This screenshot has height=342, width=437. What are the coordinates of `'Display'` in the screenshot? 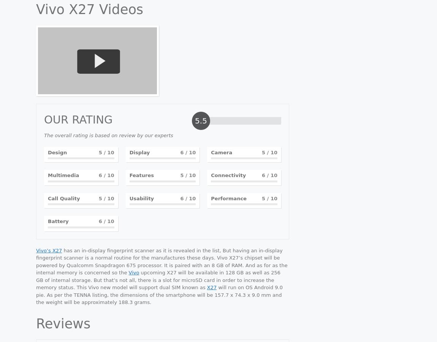 It's located at (129, 152).